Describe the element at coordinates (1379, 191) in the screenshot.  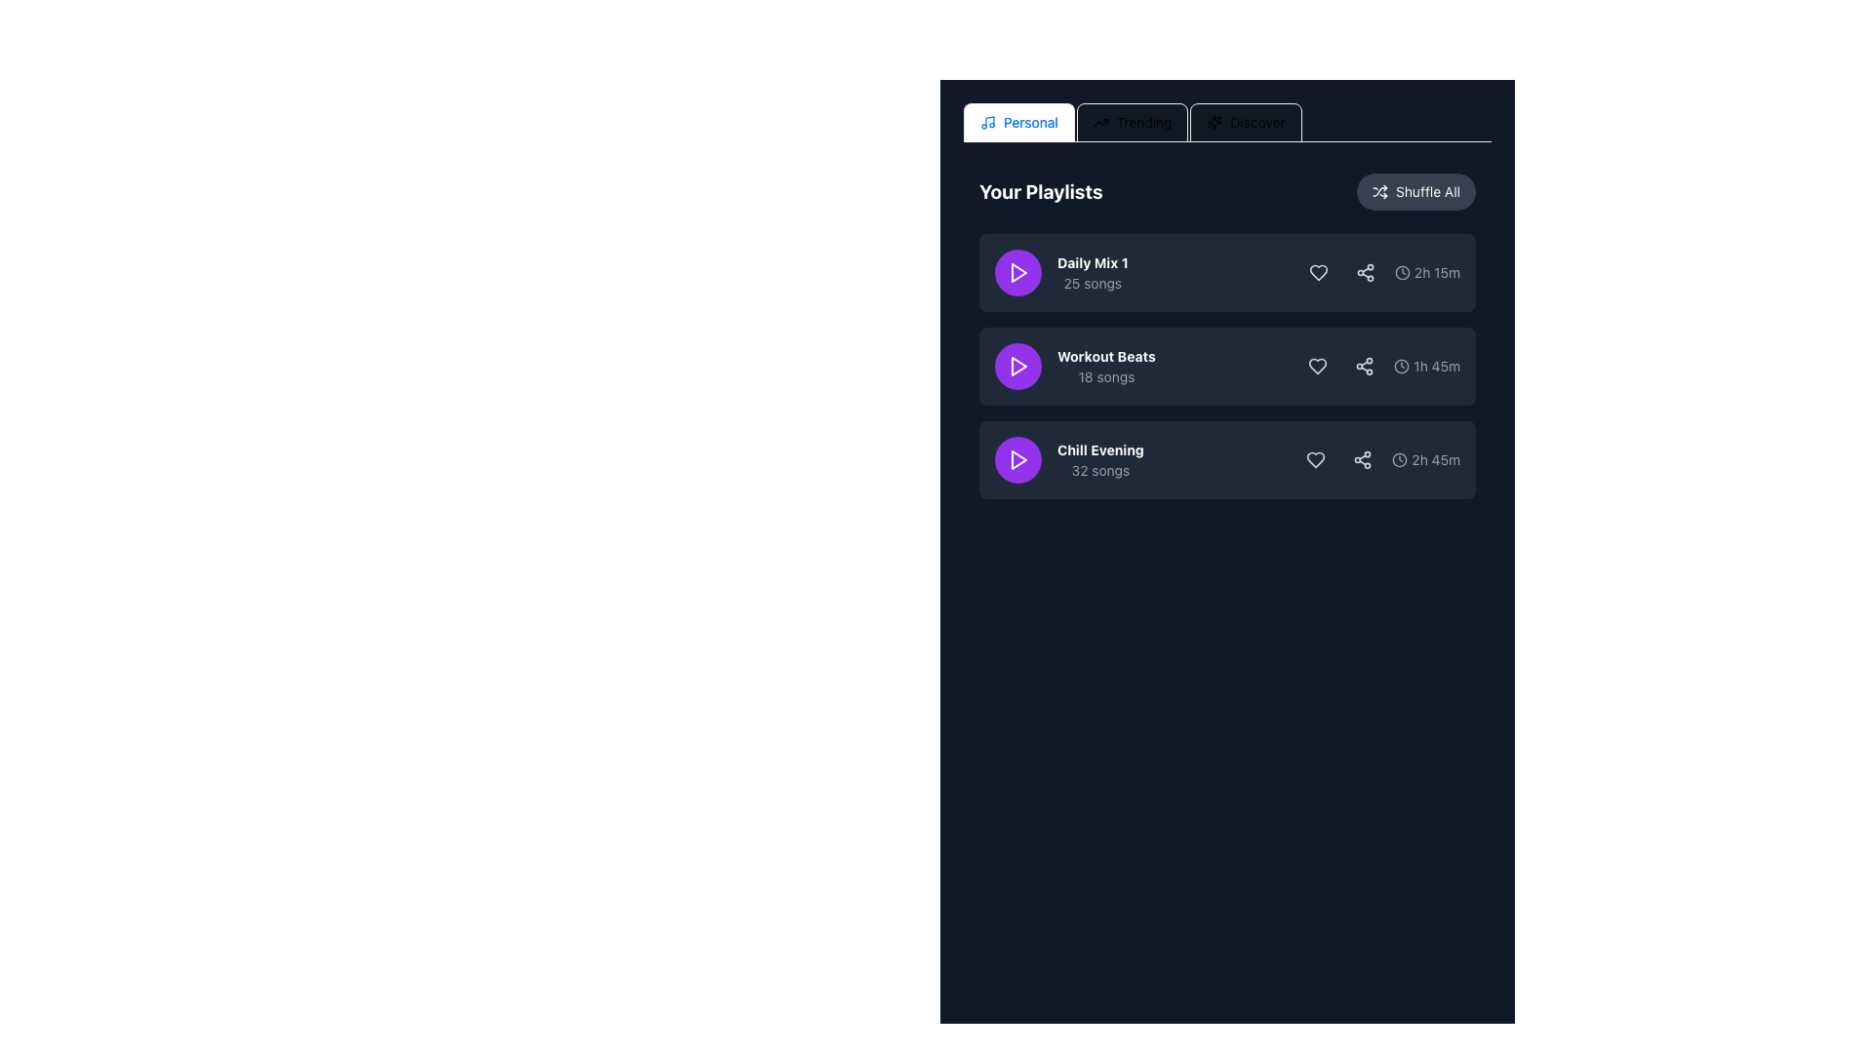
I see `the shuffle icon located within the 'Shuffle All' button` at that location.